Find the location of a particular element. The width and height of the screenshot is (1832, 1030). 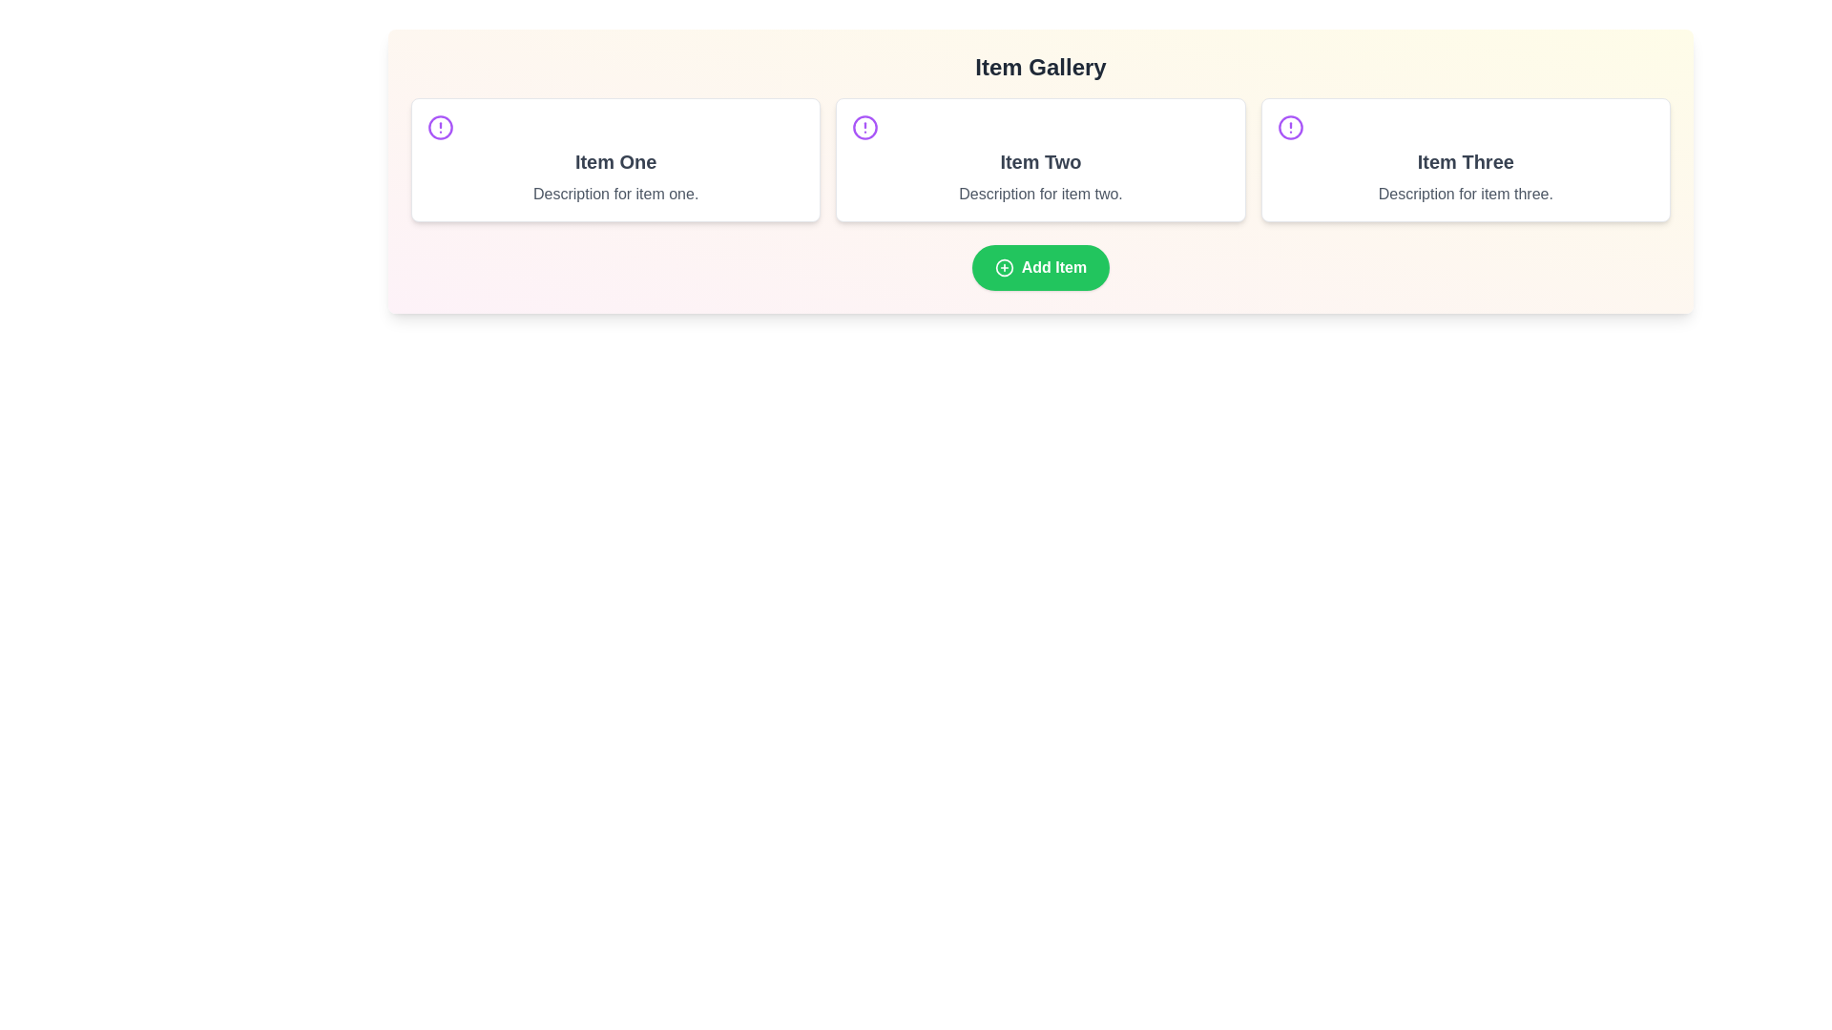

the status or alert icon located in the upper-left corner of the 'Item One' card, which serves as a visual indicator or alert related to the content of the card is located at coordinates (439, 128).